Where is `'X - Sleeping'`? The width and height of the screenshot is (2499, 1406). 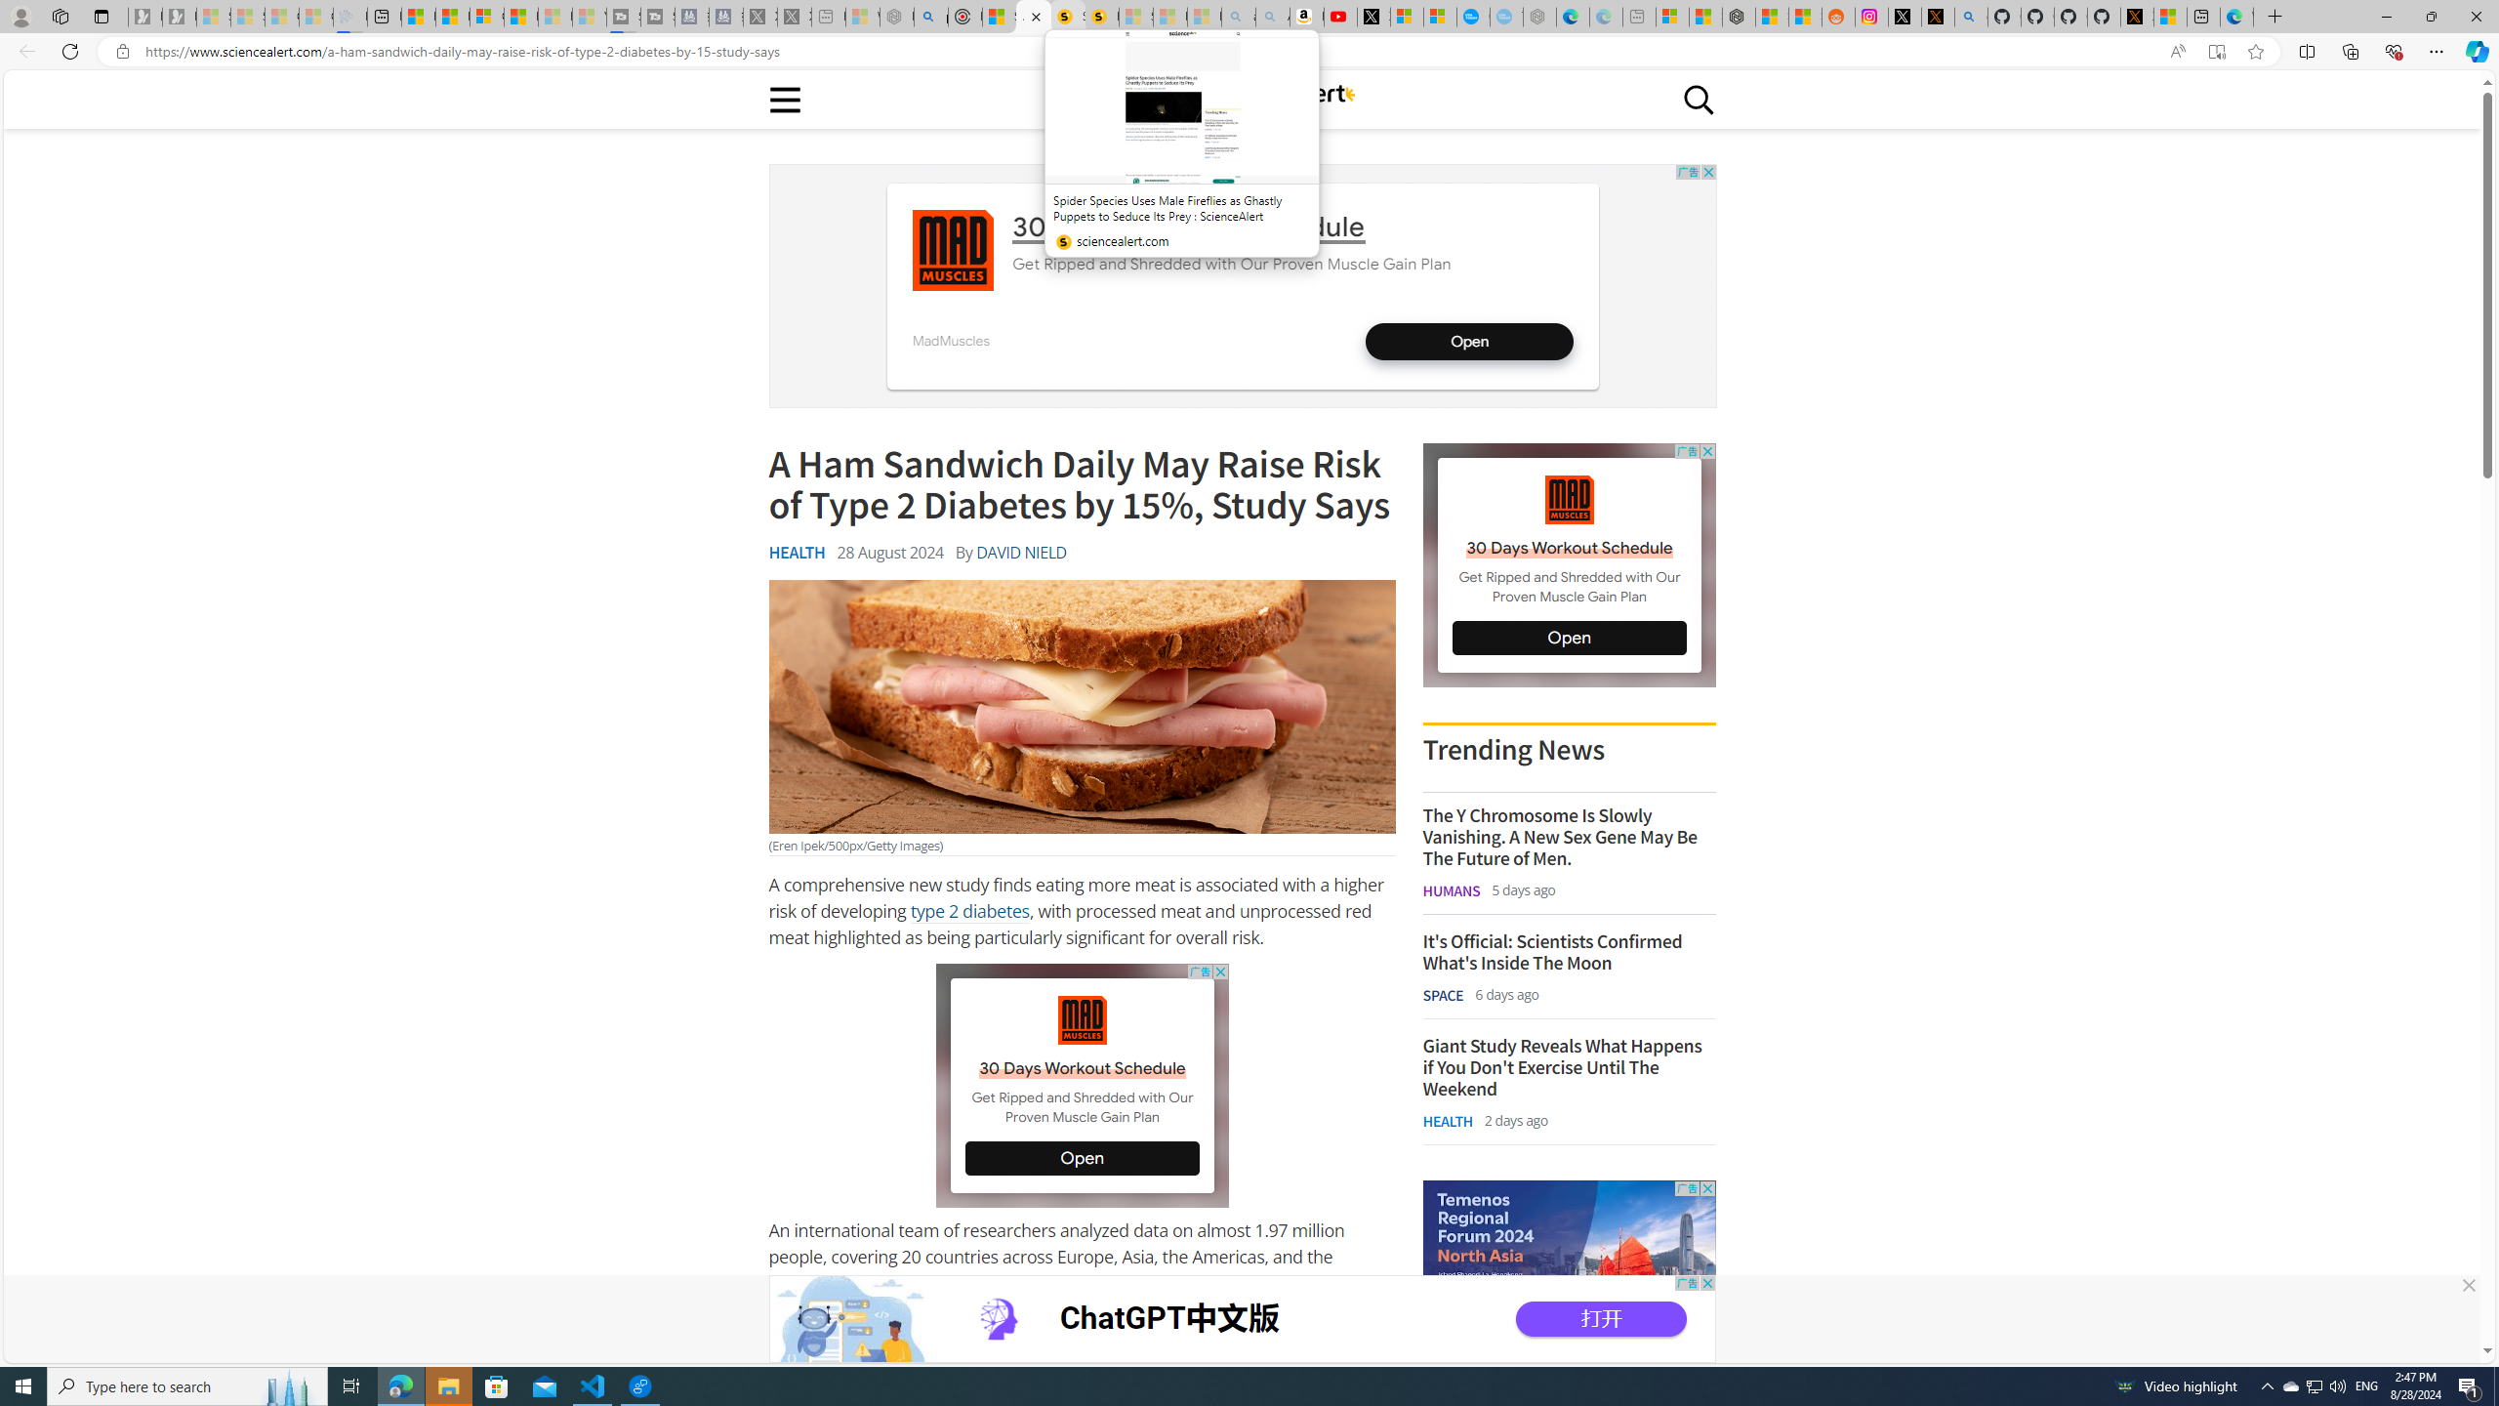
'X - Sleeping' is located at coordinates (795, 16).